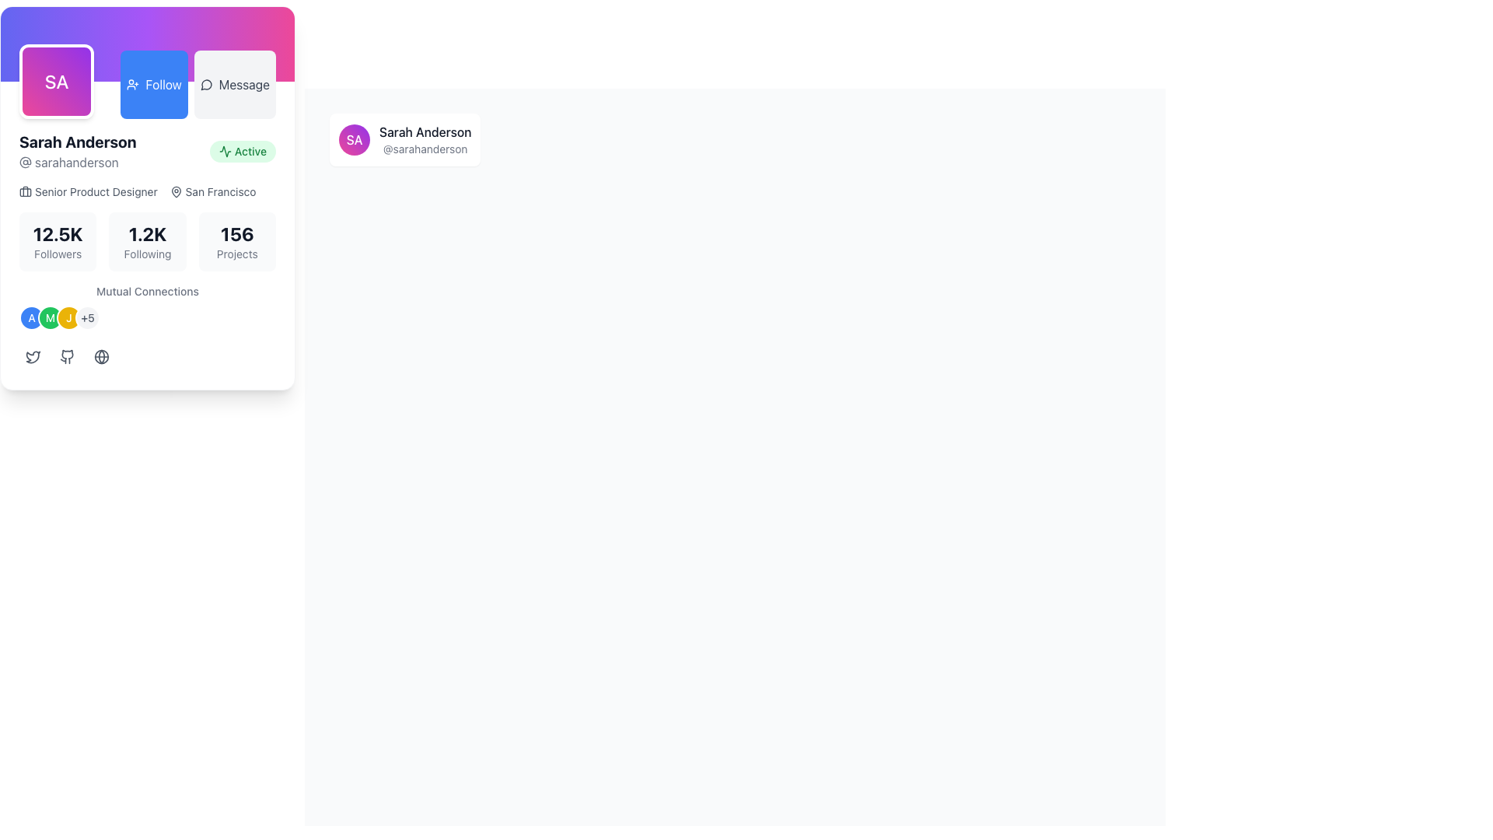  I want to click on the icon located to the left of the 'Message' text within the button in the top right section of the interface, so click(205, 84).